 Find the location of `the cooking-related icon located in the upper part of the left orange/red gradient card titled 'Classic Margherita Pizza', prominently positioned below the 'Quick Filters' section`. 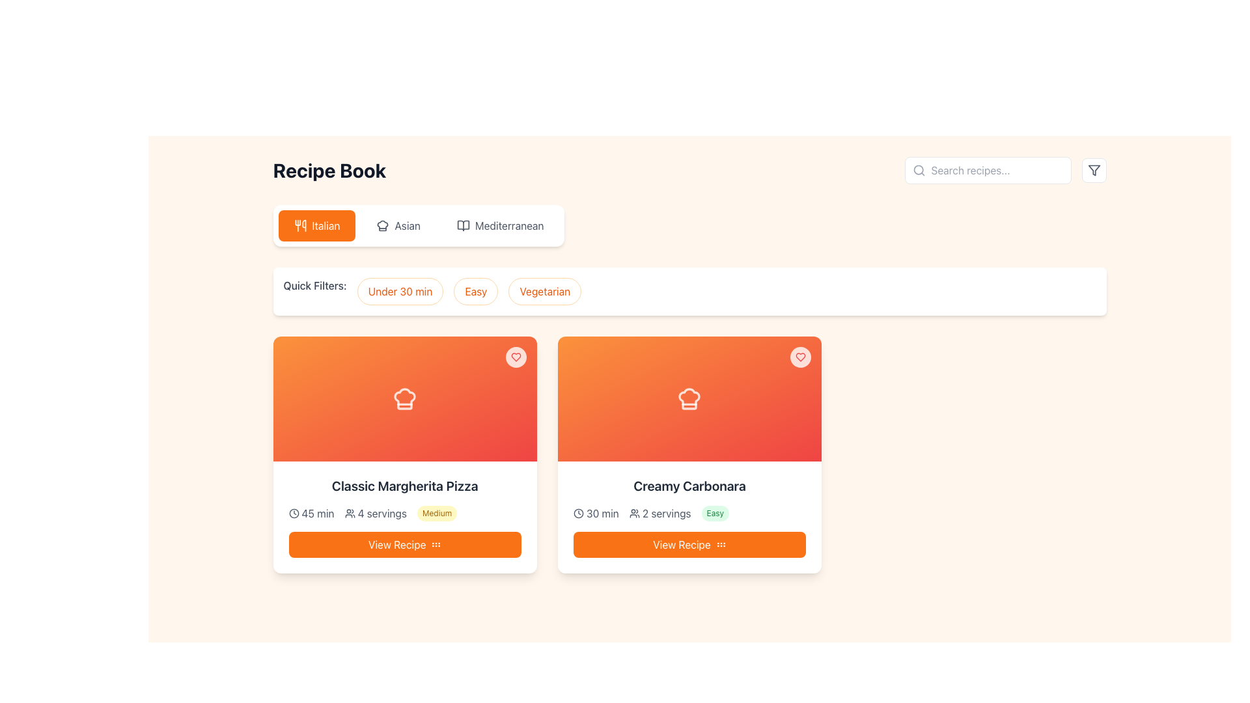

the cooking-related icon located in the upper part of the left orange/red gradient card titled 'Classic Margherita Pizza', prominently positioned below the 'Quick Filters' section is located at coordinates (404, 398).